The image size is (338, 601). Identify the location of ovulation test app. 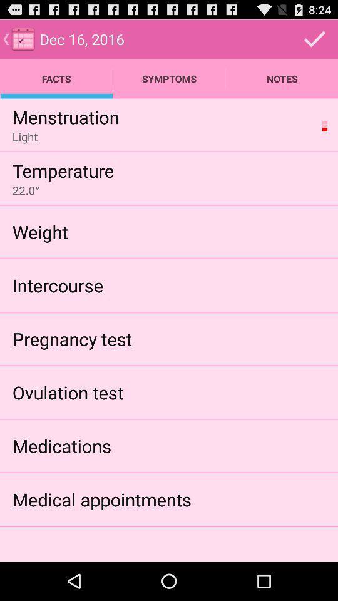
(68, 391).